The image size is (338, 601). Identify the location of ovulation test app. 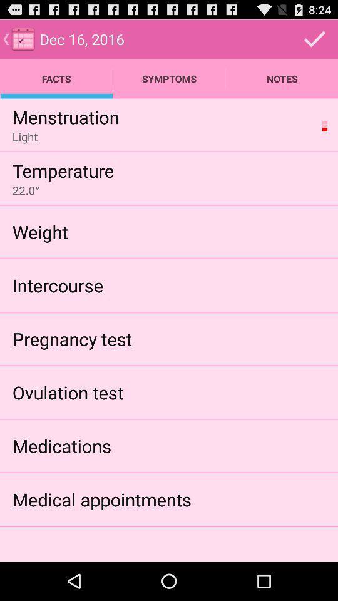
(68, 391).